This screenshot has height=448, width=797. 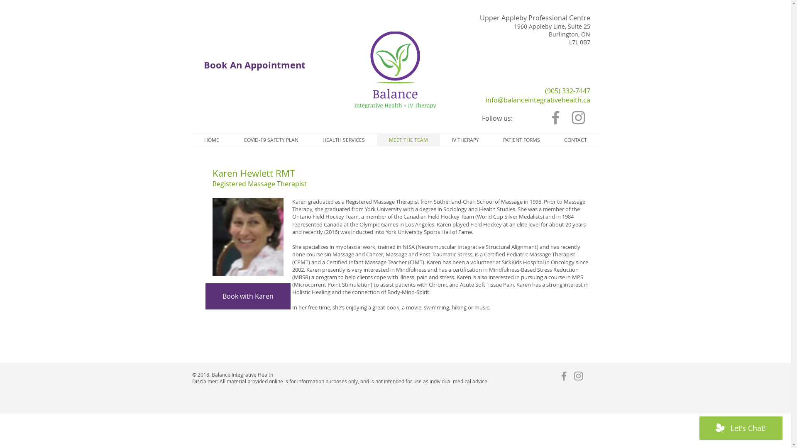 I want to click on 'HOME', so click(x=211, y=139).